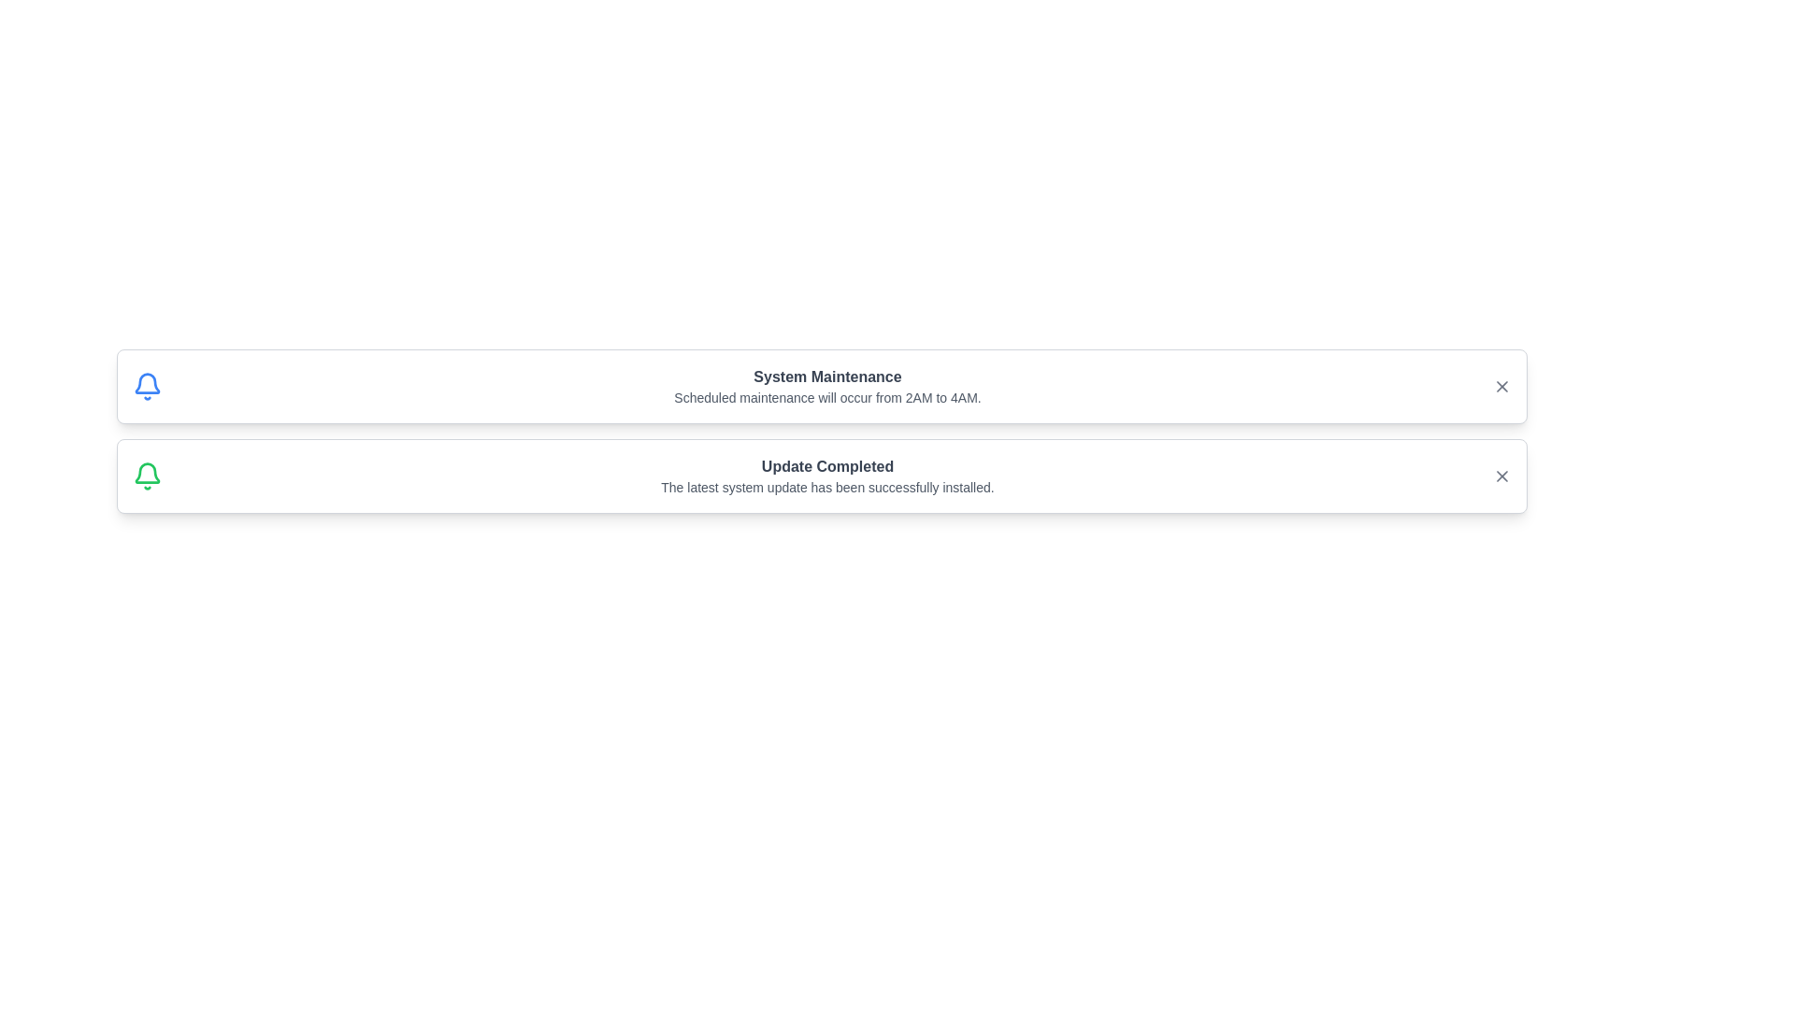 This screenshot has height=1009, width=1795. What do you see at coordinates (826, 377) in the screenshot?
I see `the notification's title and description by focusing on the text elements` at bounding box center [826, 377].